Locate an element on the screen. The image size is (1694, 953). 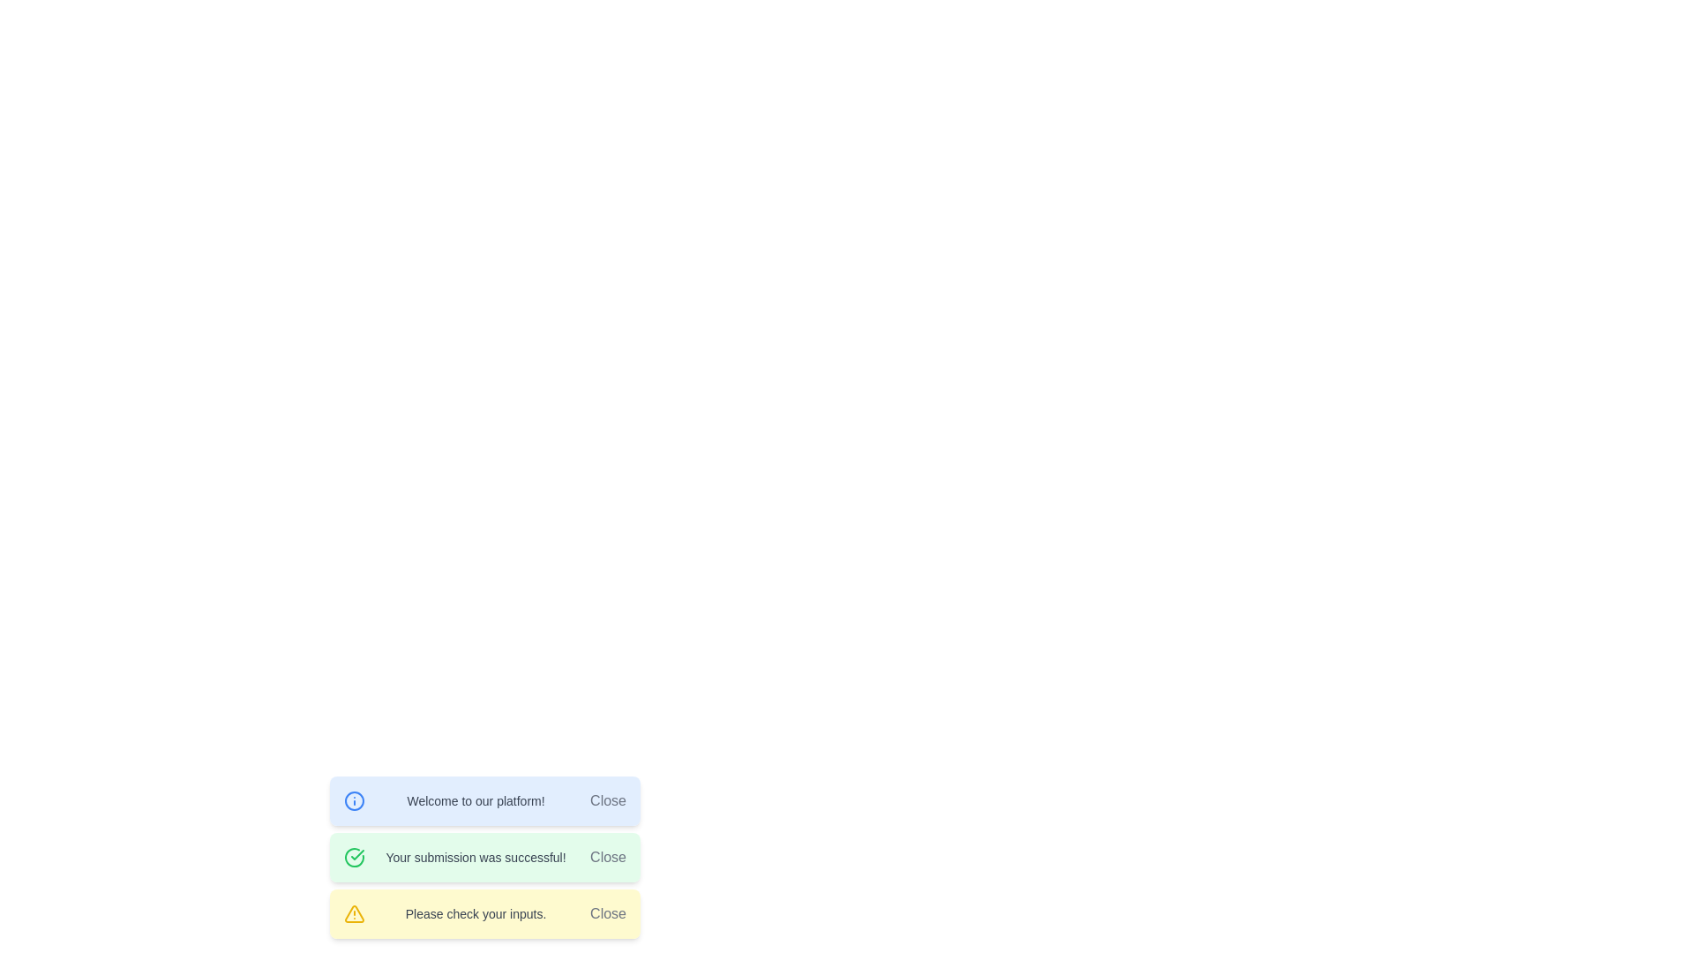
the yellow triangular icon with a warning symbol inside it, located at the leftmost side of the alert box displaying 'Please check your inputs.' is located at coordinates (354, 913).